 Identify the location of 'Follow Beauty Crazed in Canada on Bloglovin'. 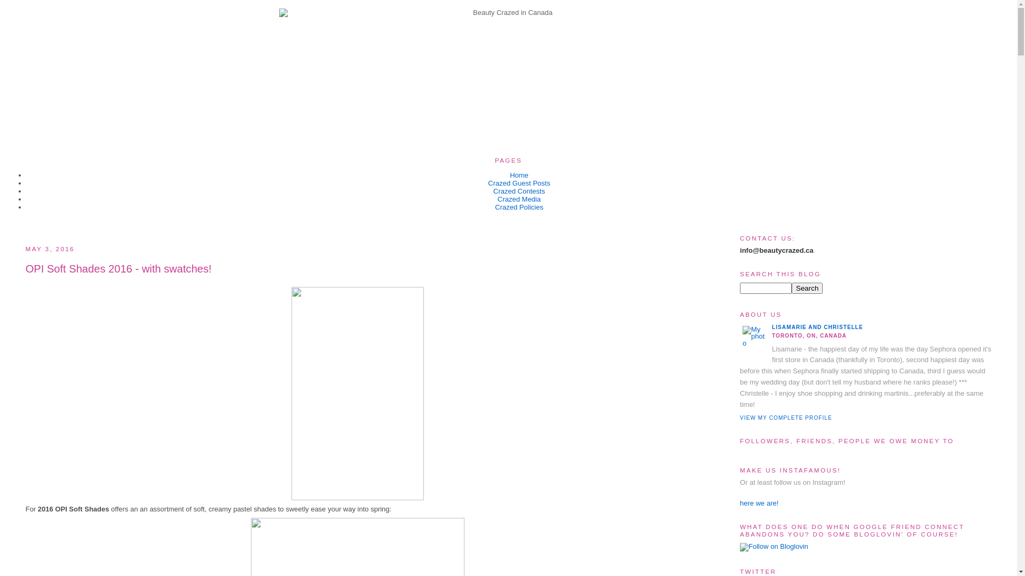
(774, 546).